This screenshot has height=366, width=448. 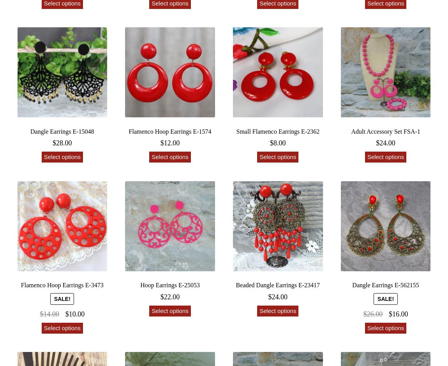 What do you see at coordinates (367, 314) in the screenshot?
I see `'26.00'` at bounding box center [367, 314].